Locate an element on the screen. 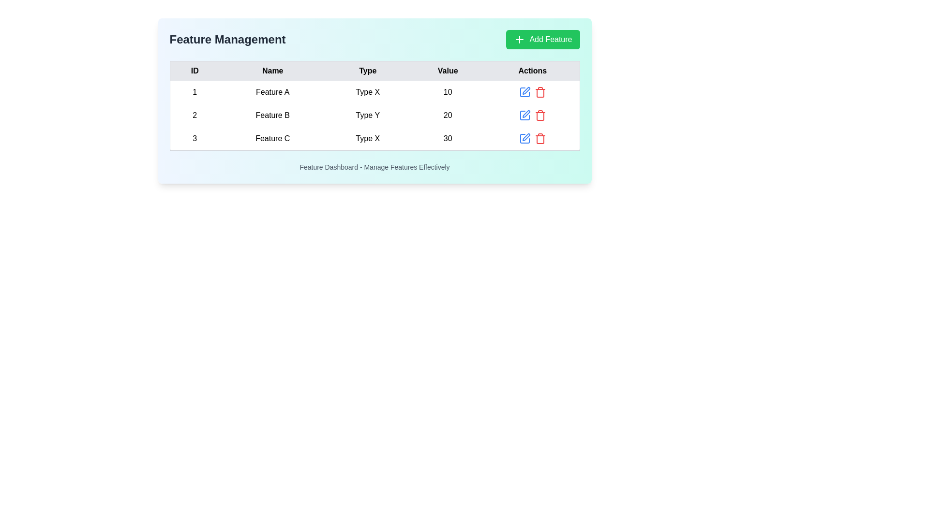  the tabular header cell labeled 'Name', which is the second header in the row, characterized by bold black text on a light gray background is located at coordinates (272, 70).